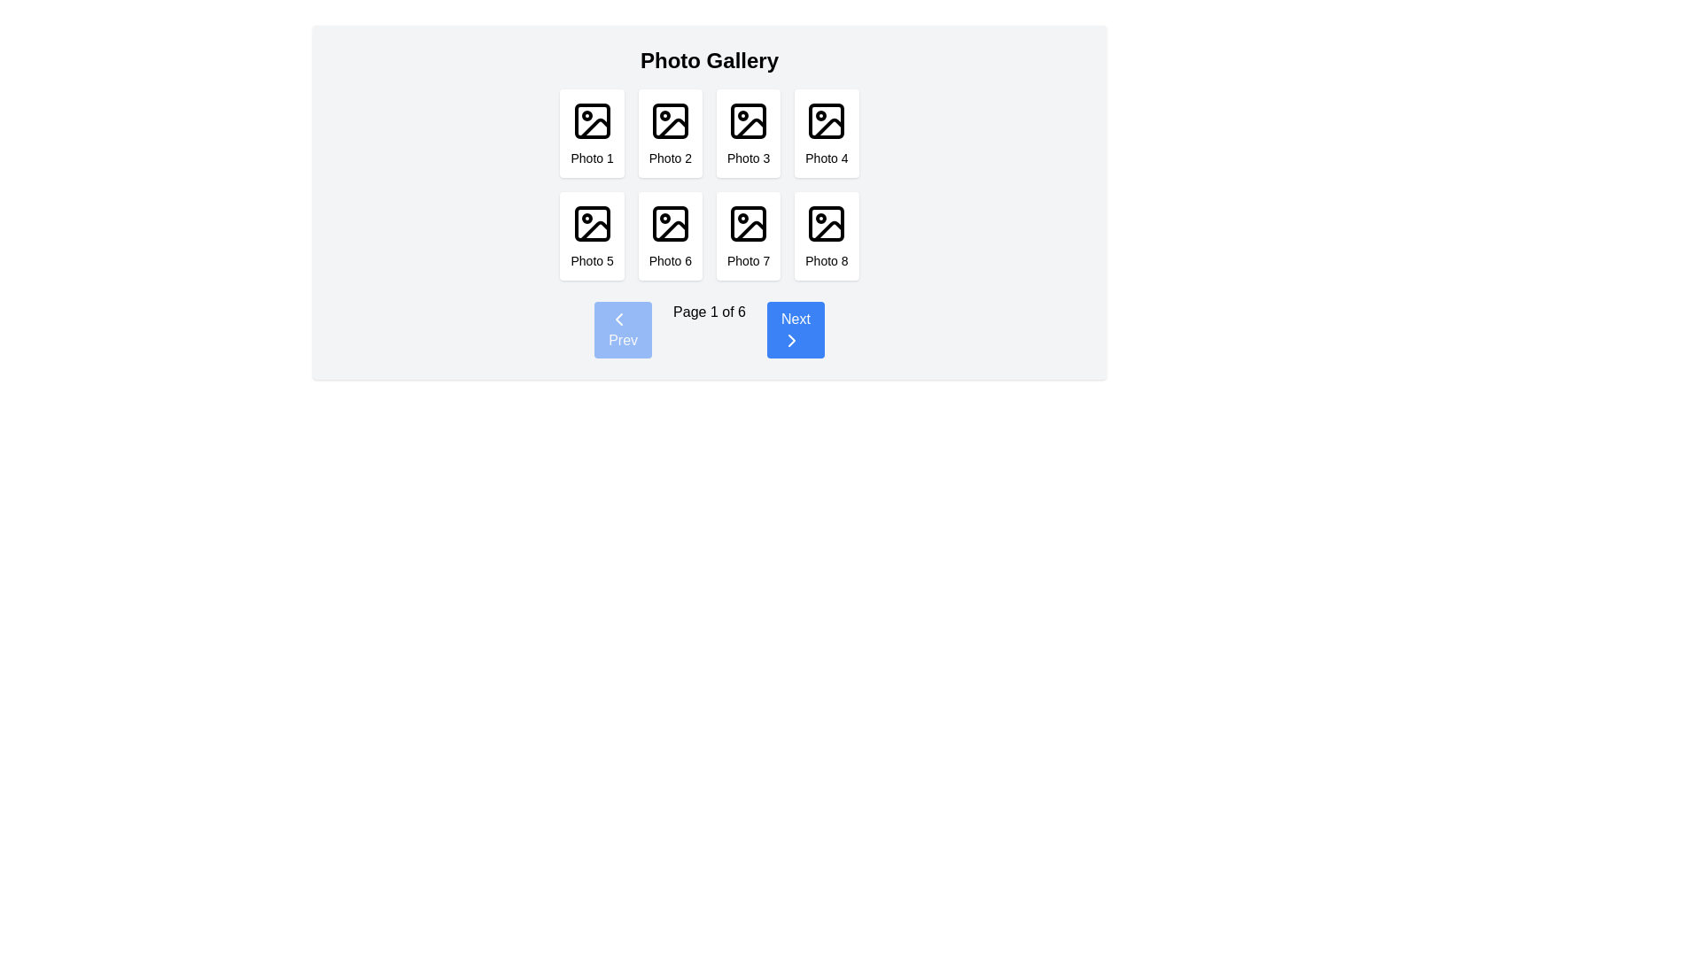 Image resolution: width=1701 pixels, height=956 pixels. Describe the element at coordinates (710, 201) in the screenshot. I see `a photo card in the photo gallery interface` at that location.